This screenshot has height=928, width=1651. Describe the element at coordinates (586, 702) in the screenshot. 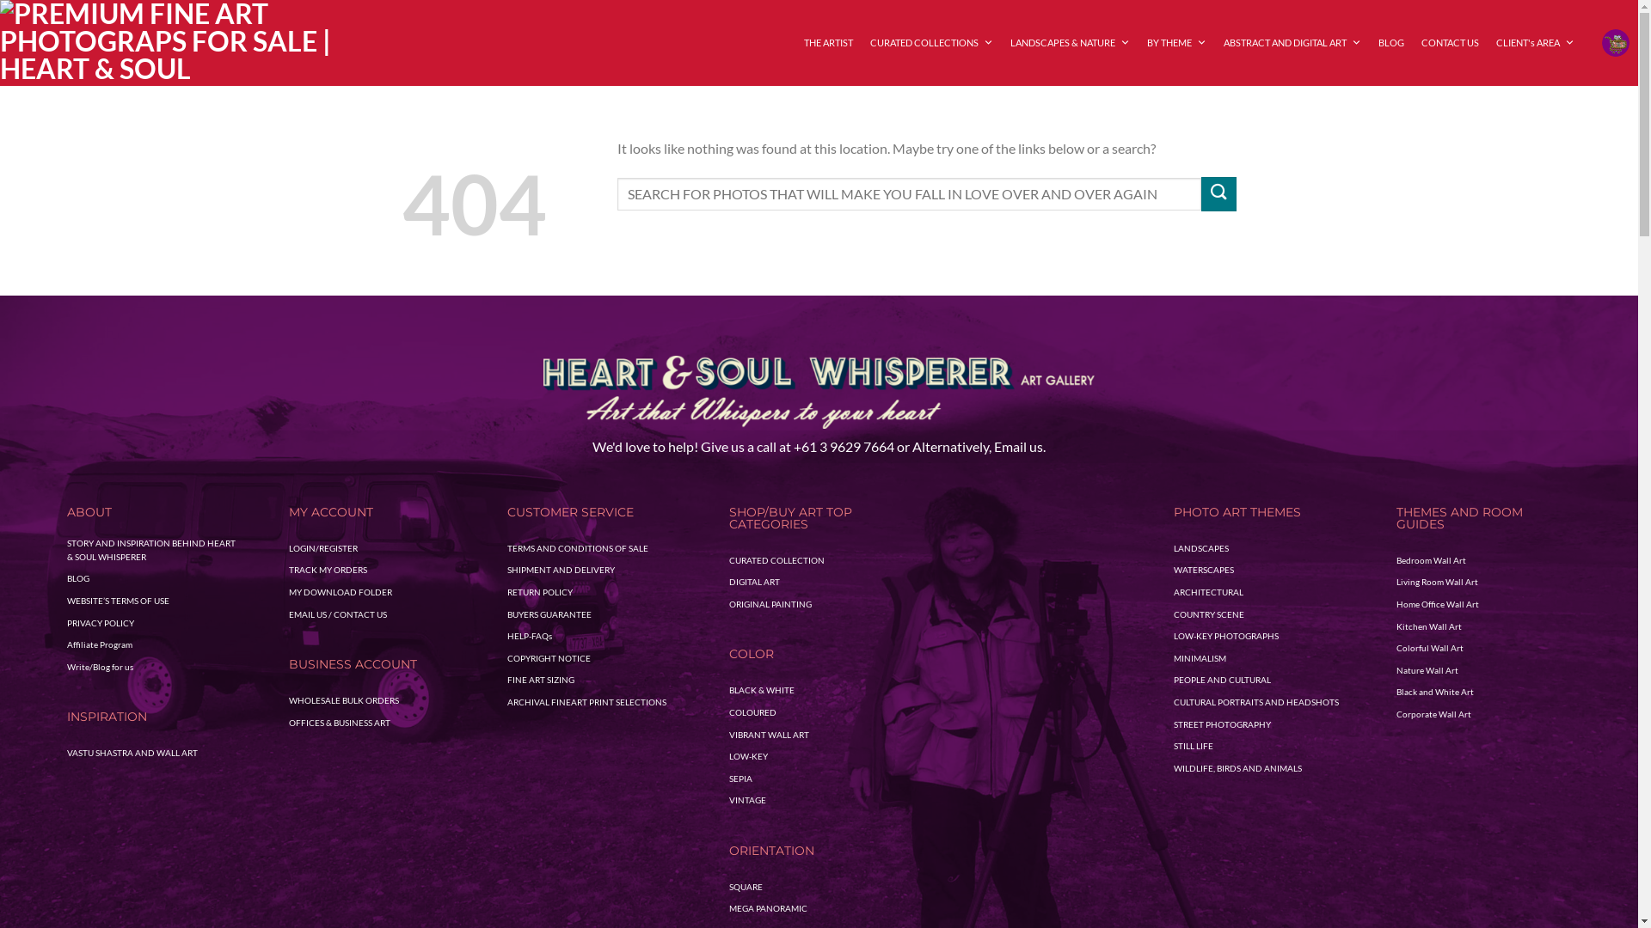

I see `'ARCHIVAL FINEART PRINT SELECTIONS'` at that location.